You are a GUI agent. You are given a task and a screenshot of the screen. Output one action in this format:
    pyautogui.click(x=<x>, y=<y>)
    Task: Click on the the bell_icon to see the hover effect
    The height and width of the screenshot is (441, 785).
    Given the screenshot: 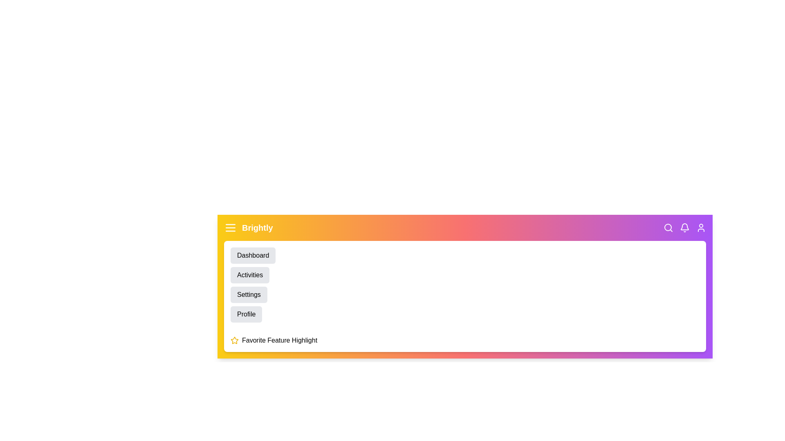 What is the action you would take?
    pyautogui.click(x=685, y=228)
    